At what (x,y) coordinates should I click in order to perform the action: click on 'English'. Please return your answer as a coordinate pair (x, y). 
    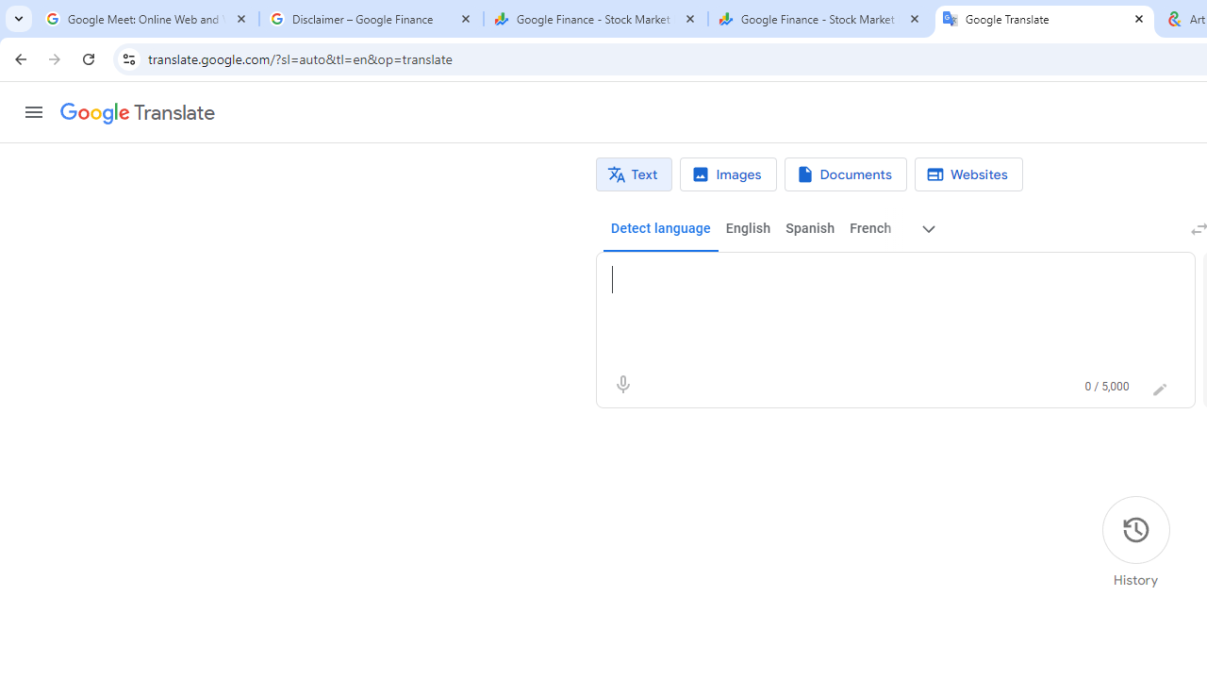
    Looking at the image, I should click on (747, 228).